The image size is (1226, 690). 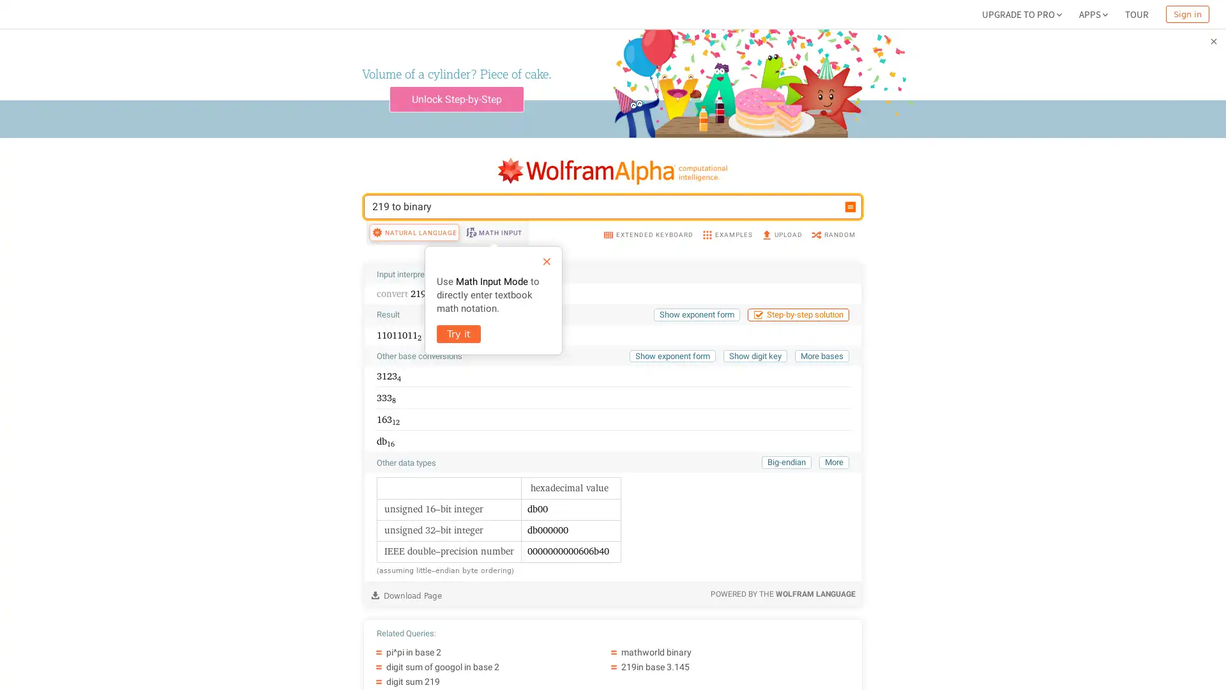 What do you see at coordinates (484, 677) in the screenshot?
I see `pi^pi in base 2` at bounding box center [484, 677].